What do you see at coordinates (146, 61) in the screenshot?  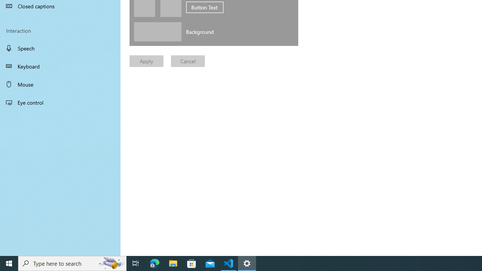 I see `'Apply'` at bounding box center [146, 61].